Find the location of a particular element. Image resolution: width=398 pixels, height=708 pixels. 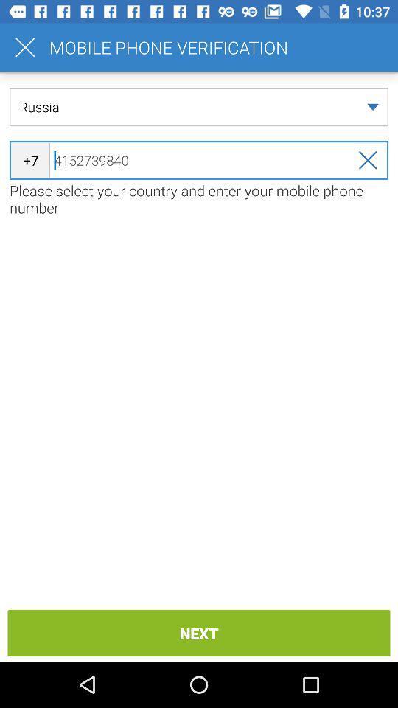

please select your icon is located at coordinates (199, 198).